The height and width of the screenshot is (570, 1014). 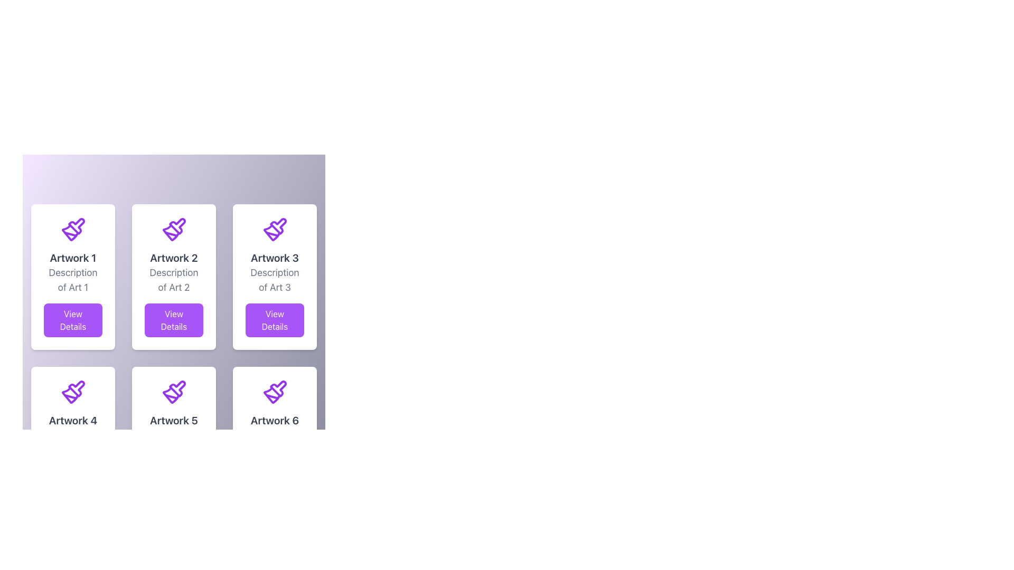 What do you see at coordinates (174, 280) in the screenshot?
I see `the text block containing the phrase 'Description of Art 2', which is located below the title 'Artwork 2' and above the 'View Details' button in the second card of a 3x2 grid layout` at bounding box center [174, 280].